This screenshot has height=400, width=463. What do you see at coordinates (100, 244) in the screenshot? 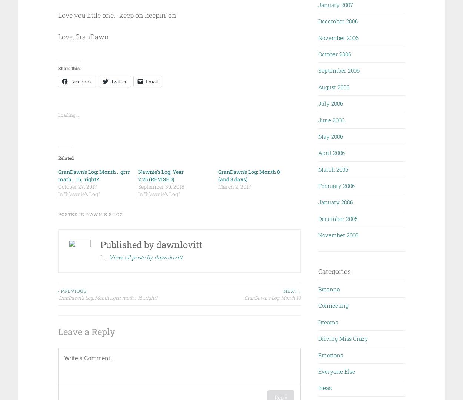
I see `'Published by'` at bounding box center [100, 244].